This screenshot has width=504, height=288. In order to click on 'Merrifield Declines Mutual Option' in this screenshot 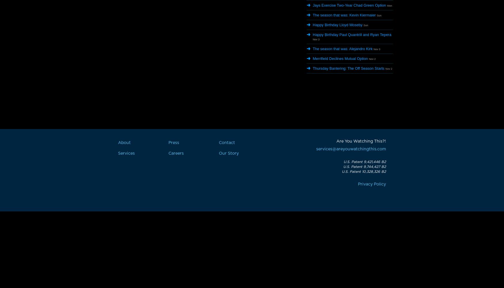, I will do `click(340, 58)`.